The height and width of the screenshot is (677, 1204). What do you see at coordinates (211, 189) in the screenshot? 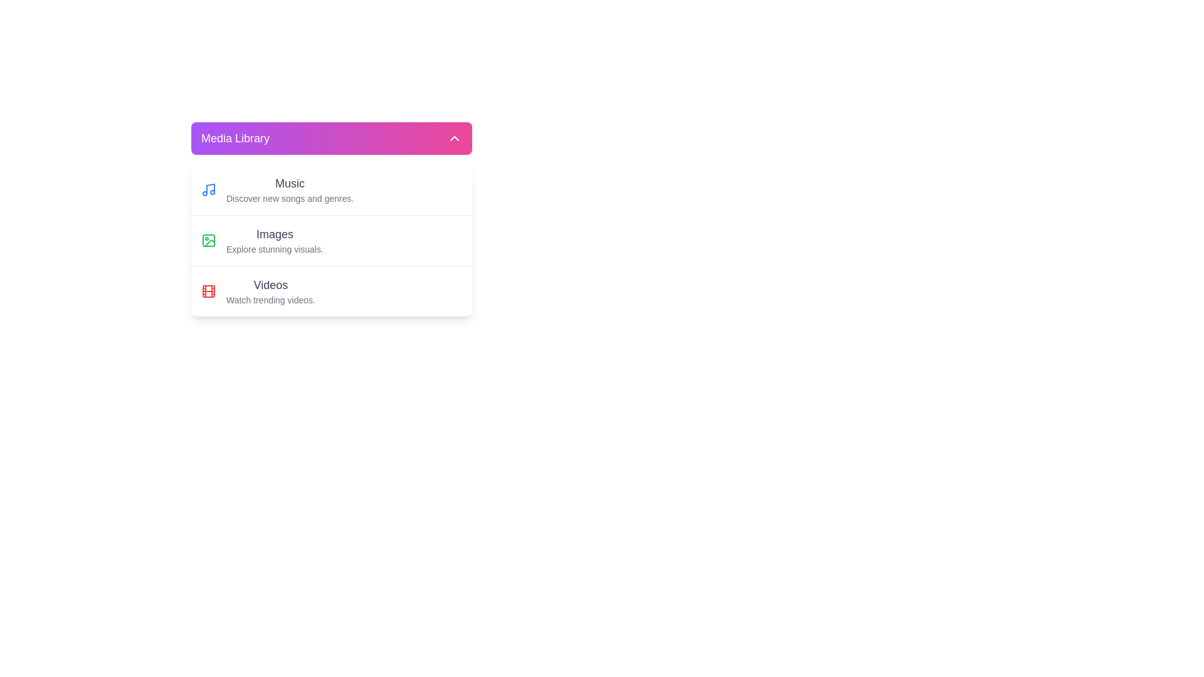
I see `the upper part of the blue music note icon, which is situated adjacent to the text 'Music' in the 'Media Library' section` at bounding box center [211, 189].